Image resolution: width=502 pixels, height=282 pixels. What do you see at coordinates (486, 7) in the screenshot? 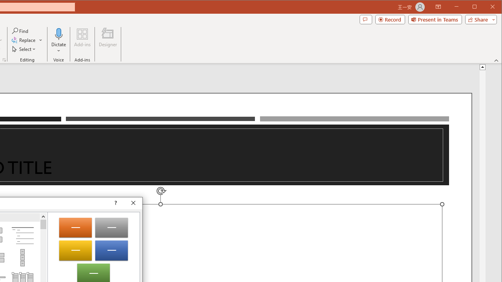
I see `'Maximize'` at bounding box center [486, 7].